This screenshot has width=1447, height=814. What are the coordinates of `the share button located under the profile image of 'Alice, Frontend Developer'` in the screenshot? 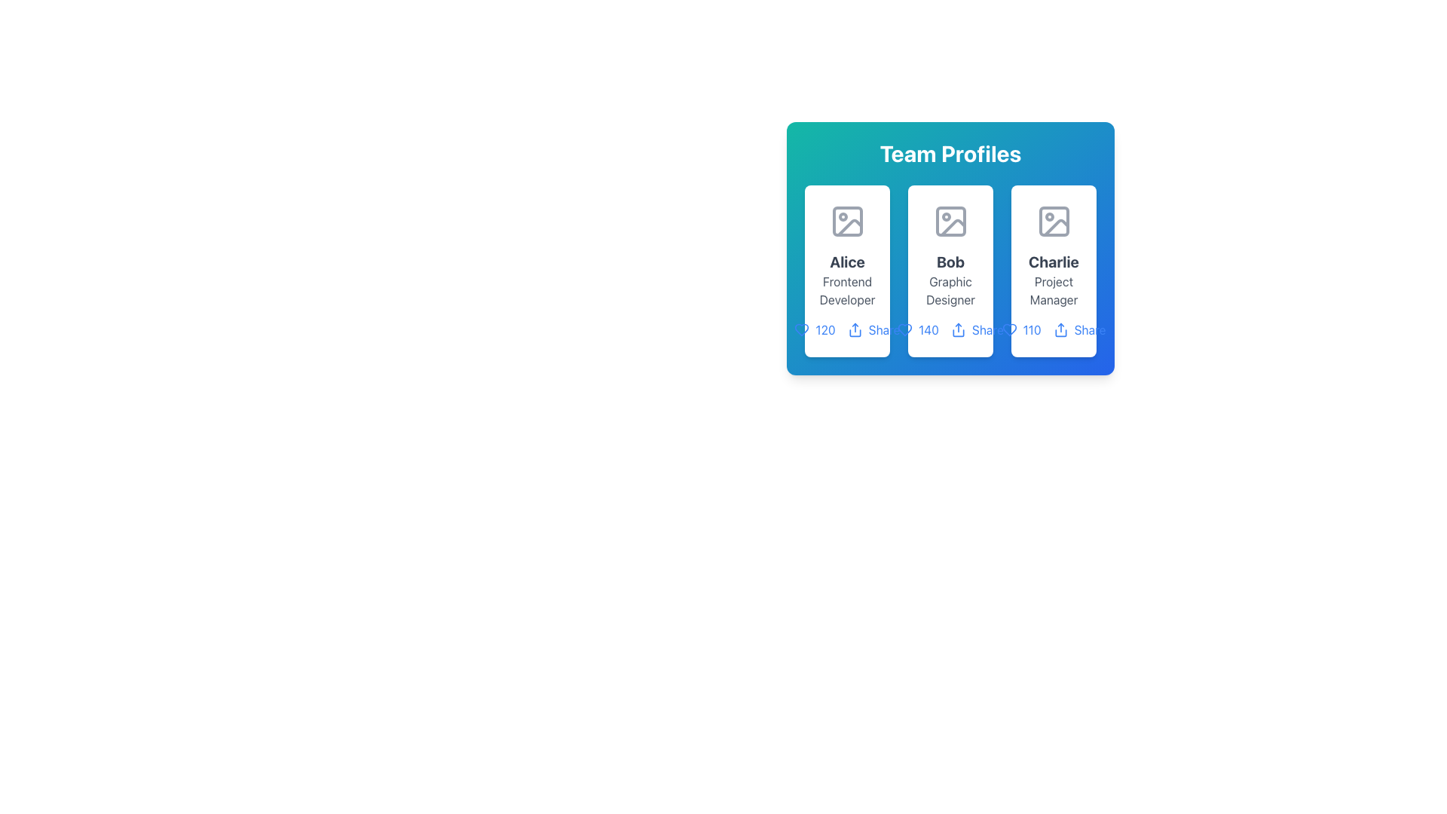 It's located at (873, 329).